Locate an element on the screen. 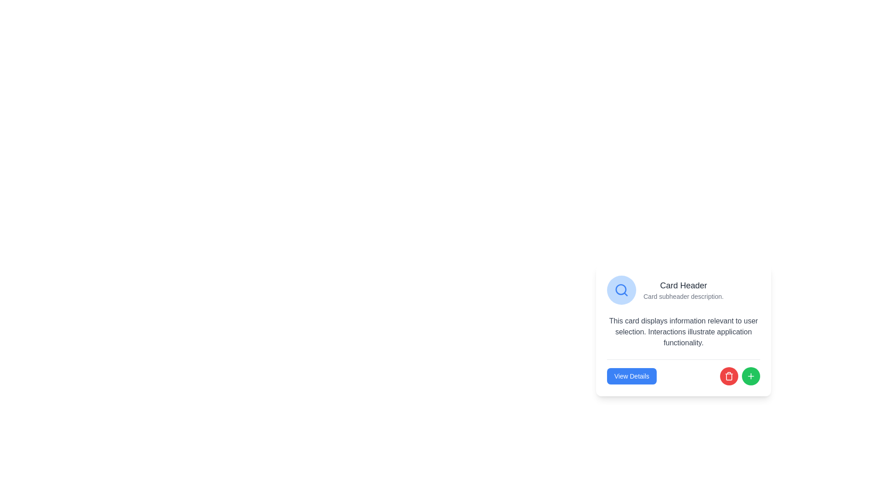 This screenshot has width=875, height=492. the 'Add' button located at the bottom-right corner of the card component is located at coordinates (751, 376).